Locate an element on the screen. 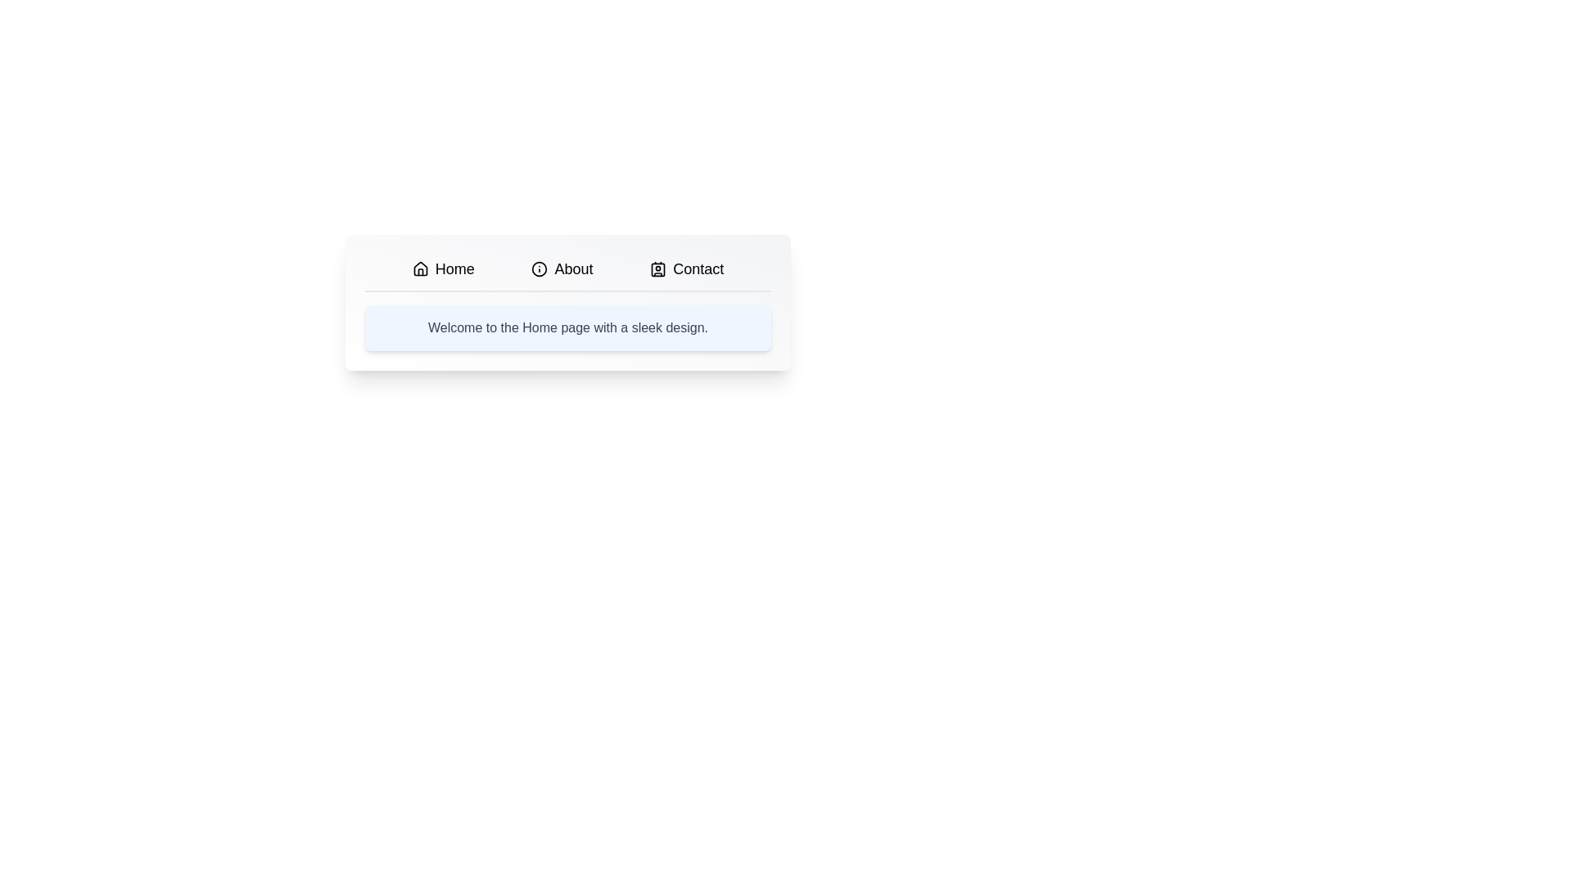 This screenshot has width=1572, height=884. the Home tab is located at coordinates (443, 268).